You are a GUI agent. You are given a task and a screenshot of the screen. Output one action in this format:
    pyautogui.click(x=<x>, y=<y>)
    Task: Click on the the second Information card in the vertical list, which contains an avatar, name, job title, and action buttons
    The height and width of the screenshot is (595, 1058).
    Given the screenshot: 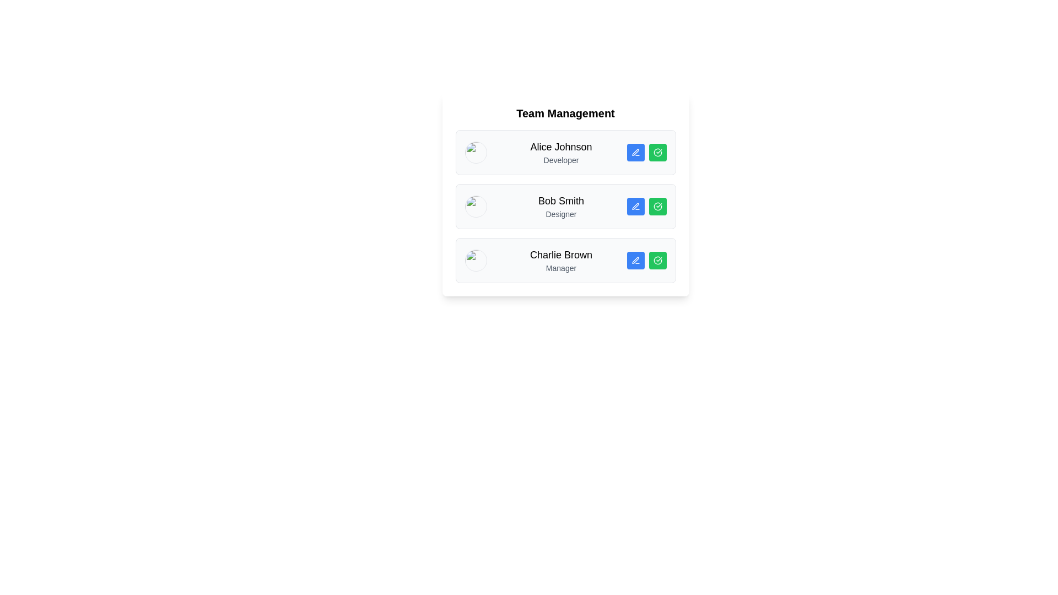 What is the action you would take?
    pyautogui.click(x=565, y=206)
    